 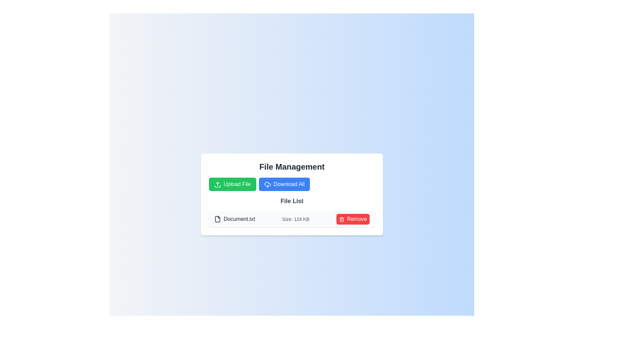 What do you see at coordinates (217, 219) in the screenshot?
I see `the document icon that visually represents a file, located to the left of the 'Document.txt' label` at bounding box center [217, 219].